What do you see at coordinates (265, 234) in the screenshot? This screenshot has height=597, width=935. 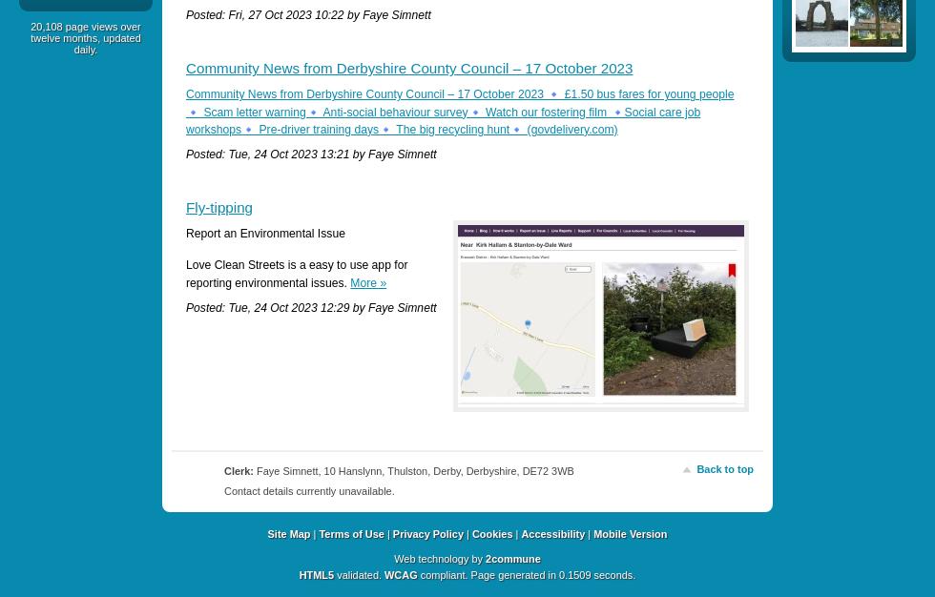 I see `'Report an Environmental Issue'` at bounding box center [265, 234].